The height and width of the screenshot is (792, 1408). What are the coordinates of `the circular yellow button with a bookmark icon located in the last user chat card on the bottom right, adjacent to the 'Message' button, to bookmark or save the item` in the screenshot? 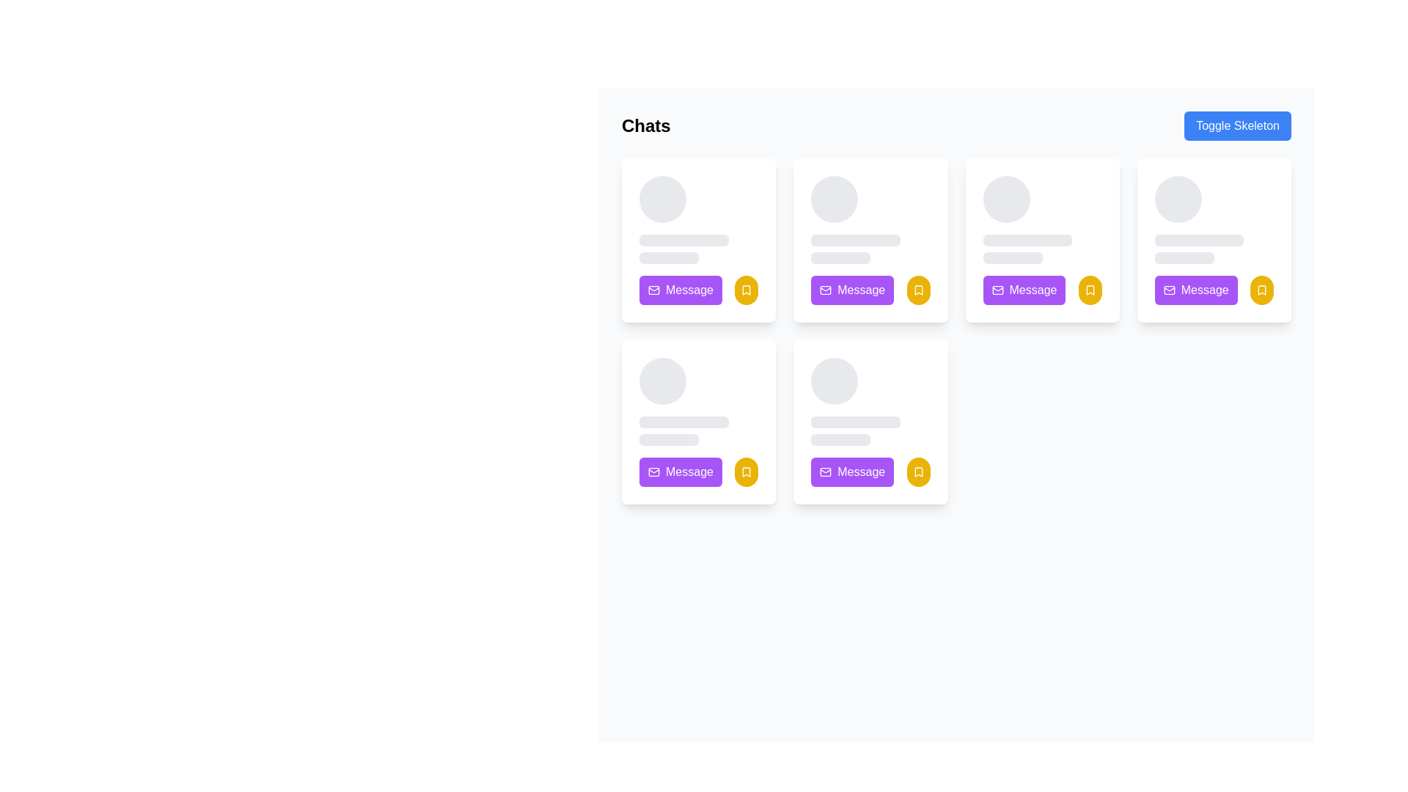 It's located at (917, 472).